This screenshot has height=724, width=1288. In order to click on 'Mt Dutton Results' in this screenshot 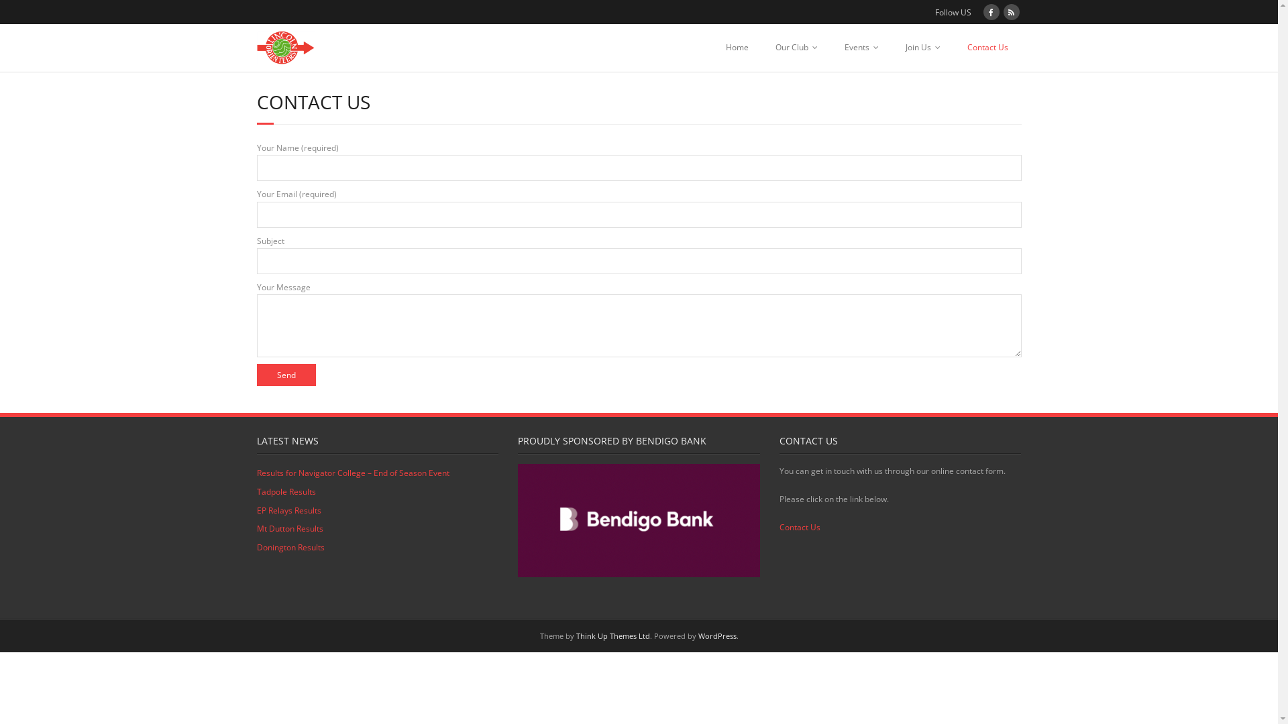, I will do `click(288, 528)`.